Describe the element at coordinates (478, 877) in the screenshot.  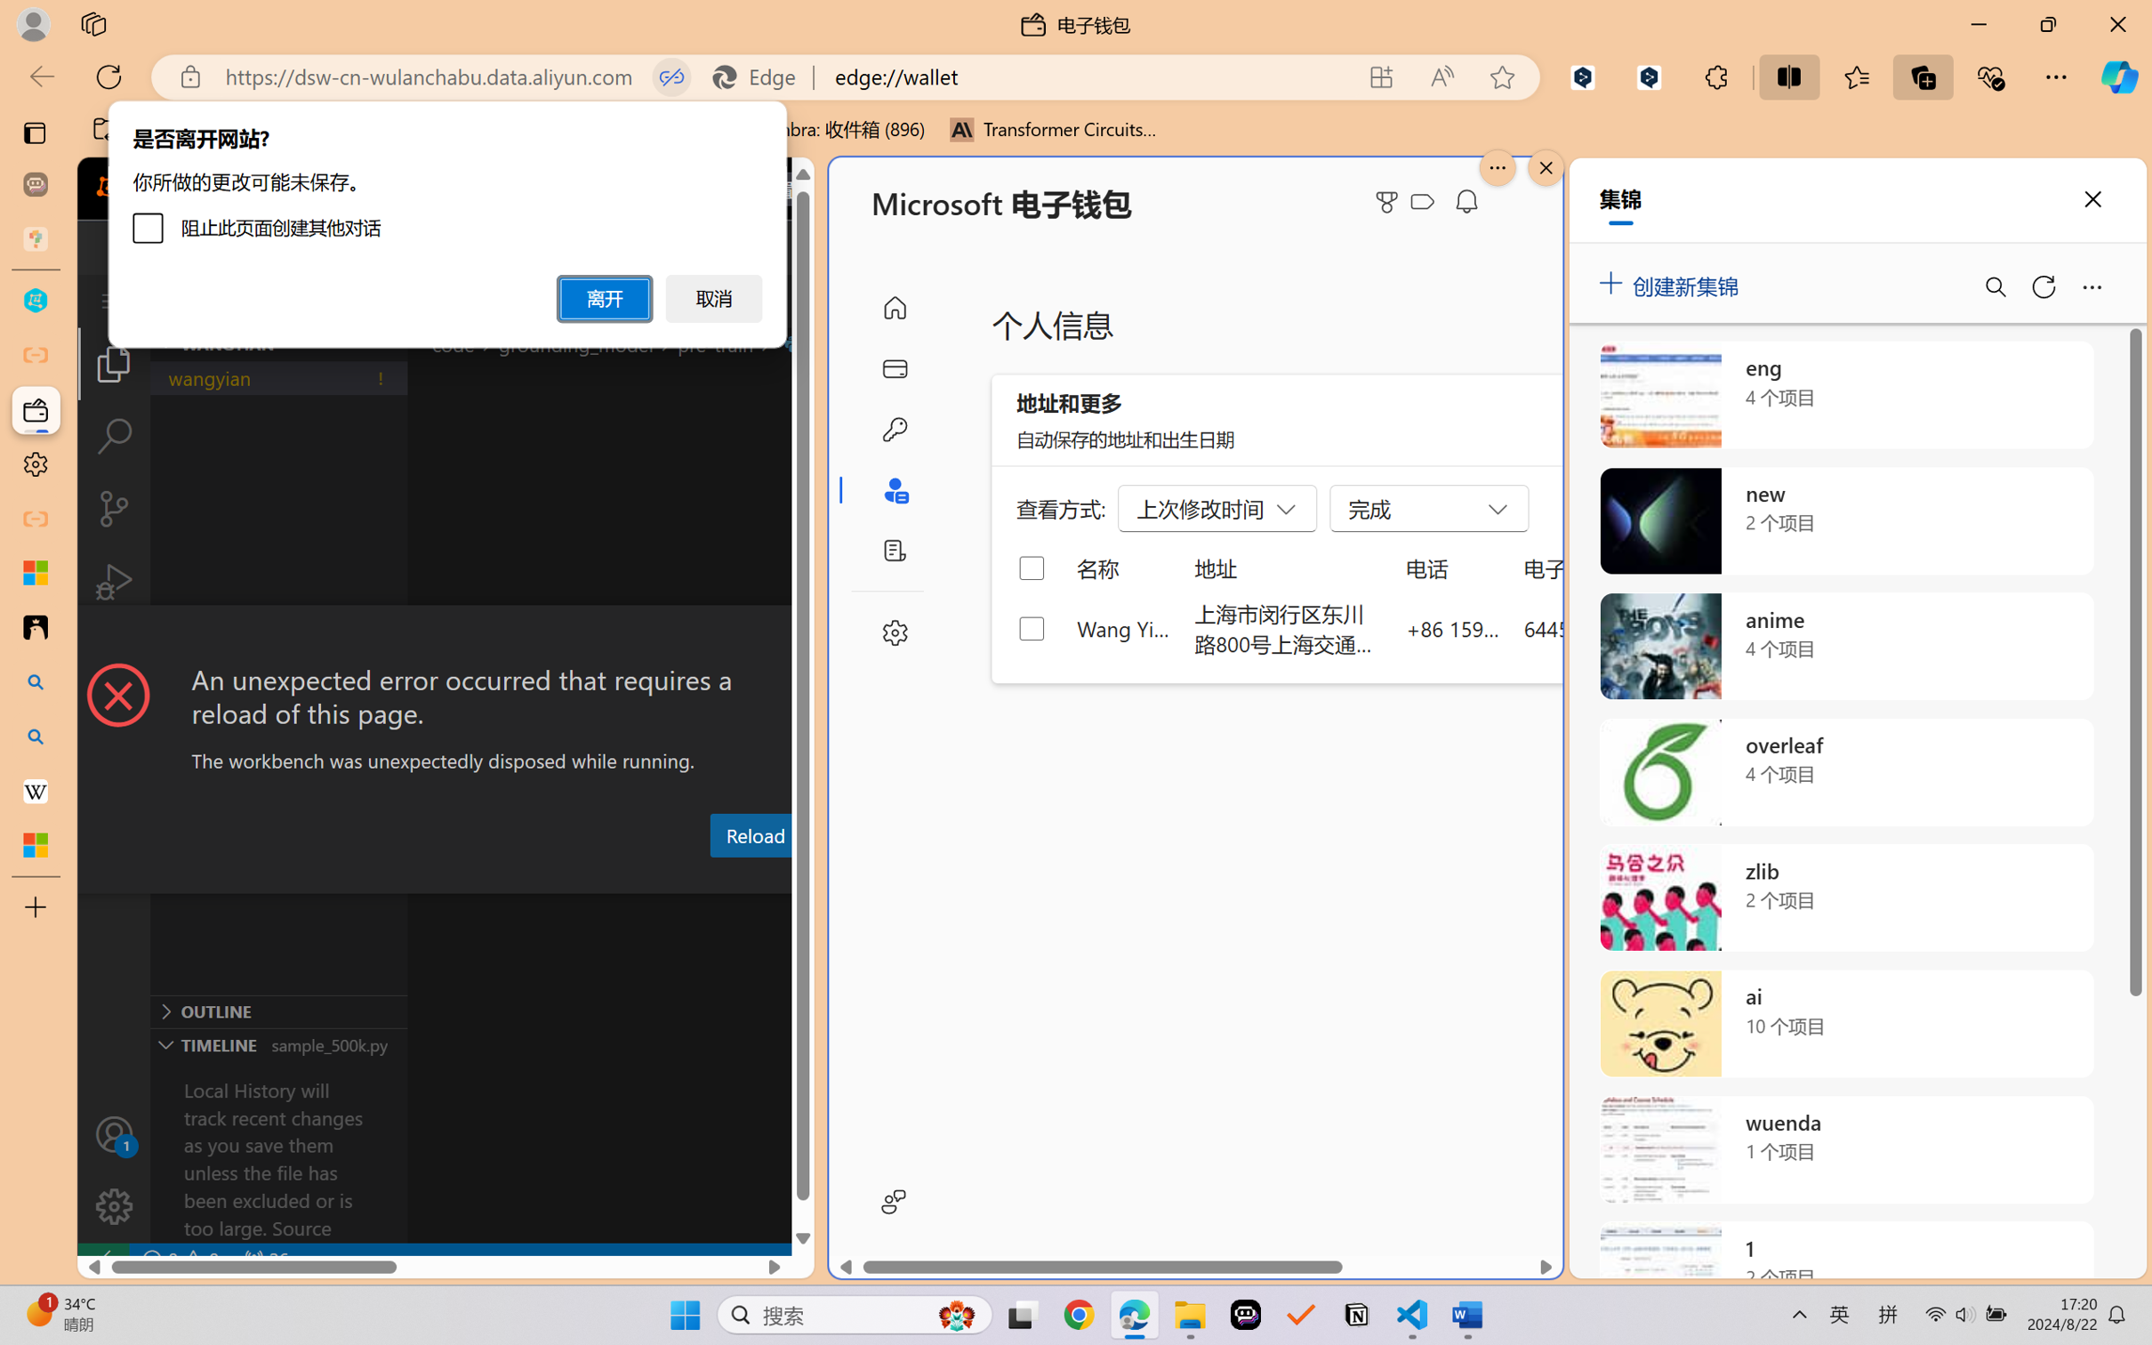
I see `'Problems (Ctrl+Shift+M)'` at that location.